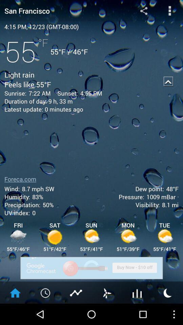 Image resolution: width=183 pixels, height=325 pixels. What do you see at coordinates (167, 313) in the screenshot?
I see `the weather icon` at bounding box center [167, 313].